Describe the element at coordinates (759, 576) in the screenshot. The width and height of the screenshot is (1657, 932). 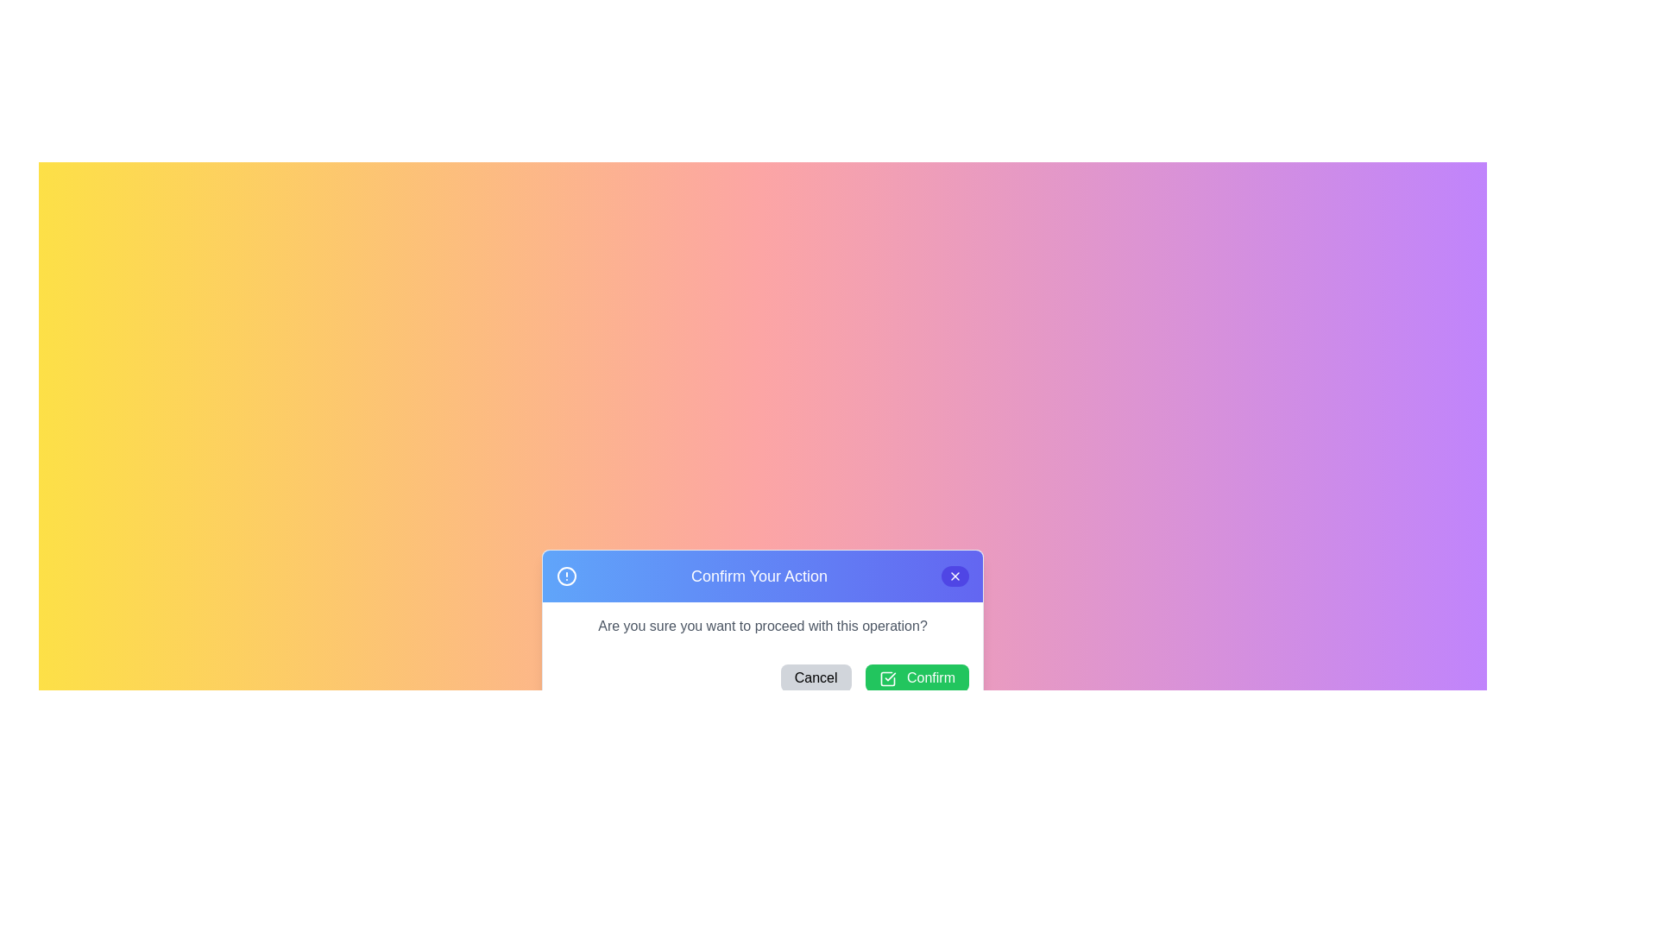
I see `text of the title label in the header section of the modal dialog box, which is centrally positioned between an icon on the left and a close button on the right` at that location.